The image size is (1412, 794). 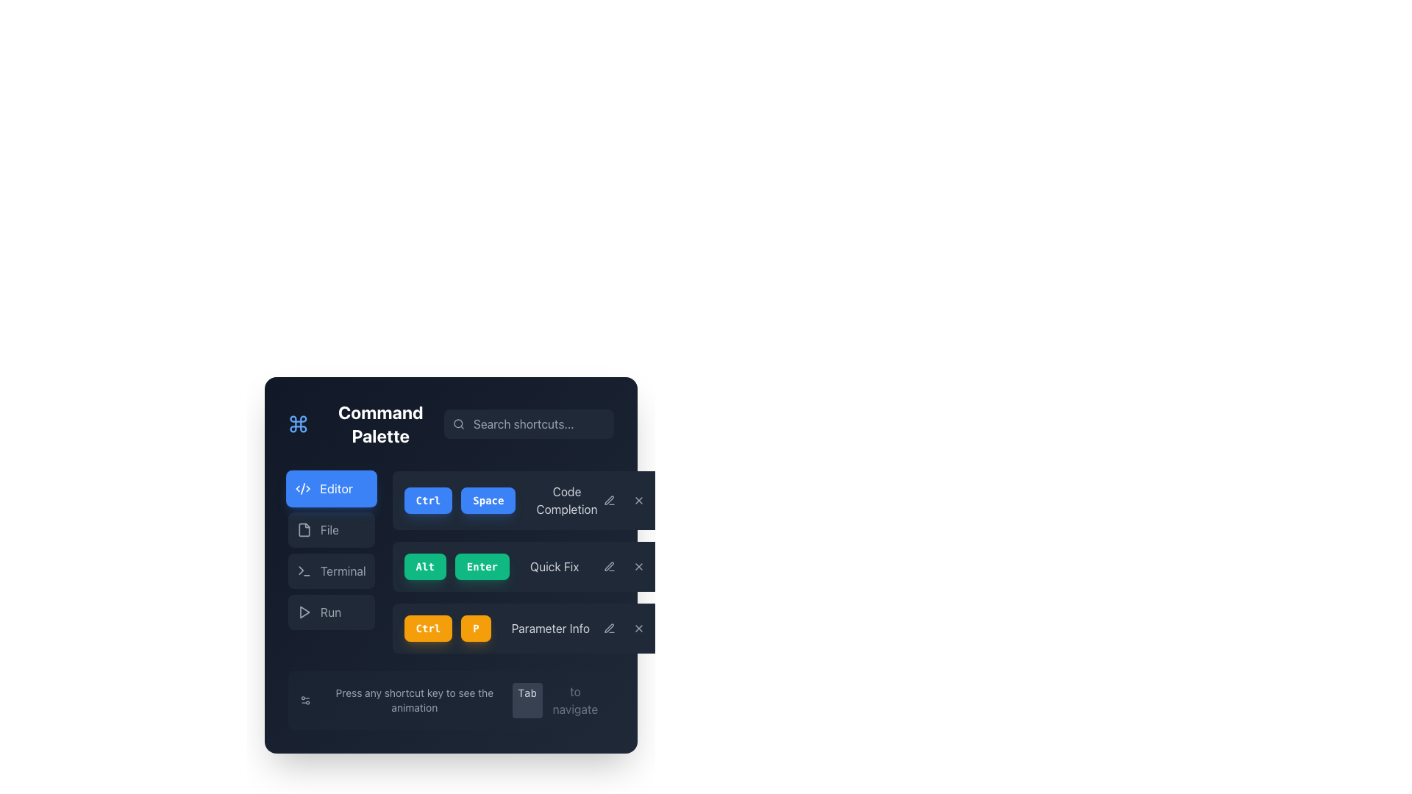 What do you see at coordinates (476, 629) in the screenshot?
I see `the vibrant orange button with a bold letter 'P'` at bounding box center [476, 629].